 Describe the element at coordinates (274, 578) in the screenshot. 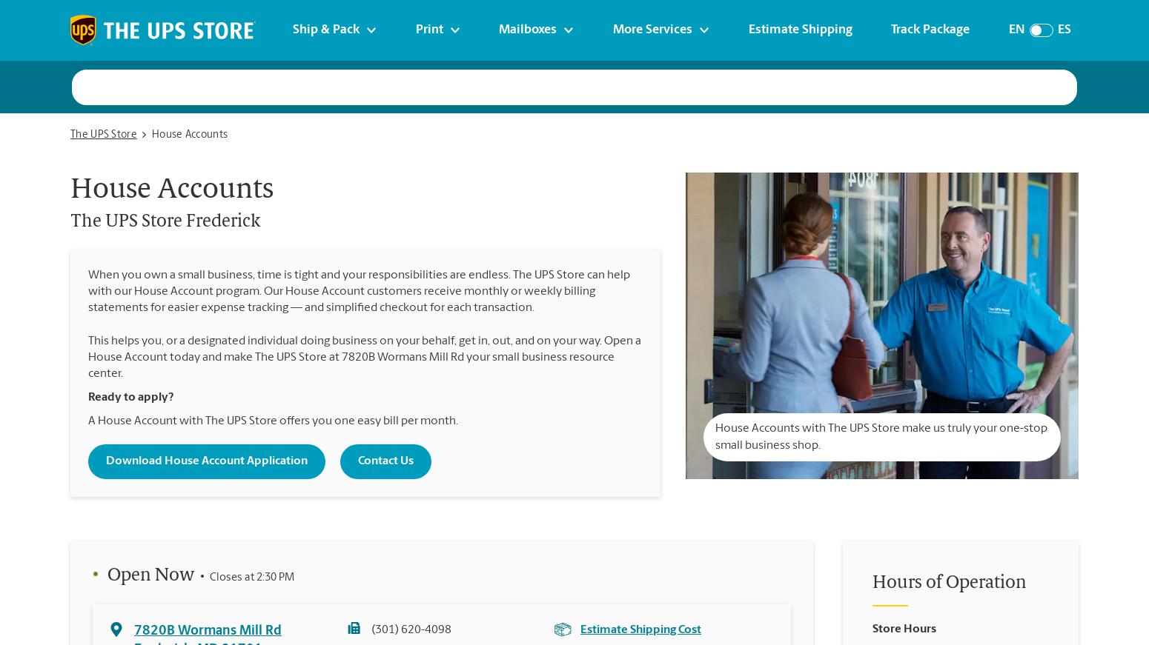

I see `'2:30 PM'` at that location.